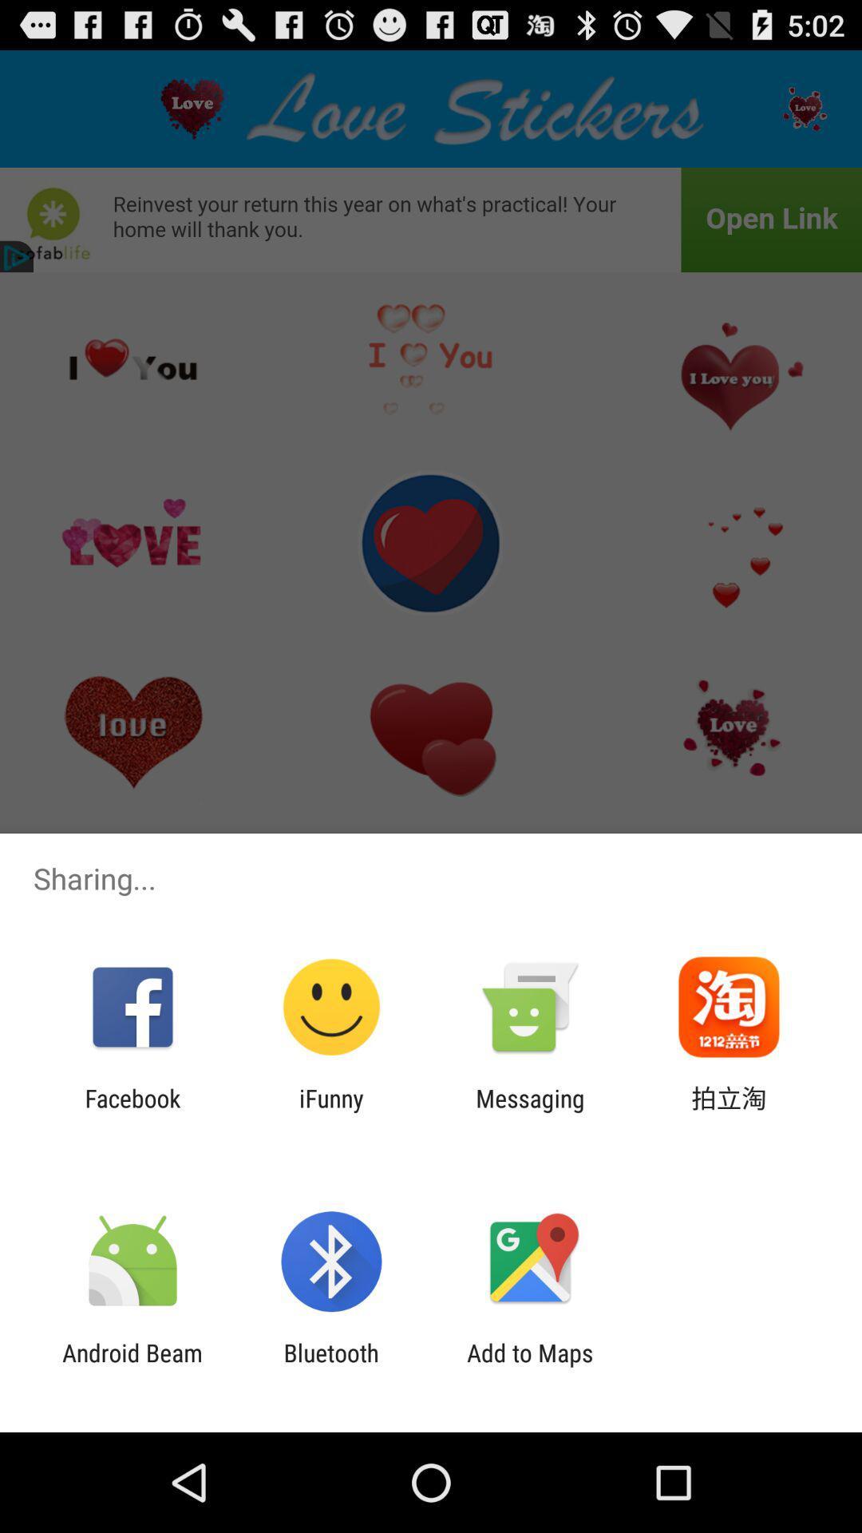 This screenshot has height=1533, width=862. I want to click on app next to facebook icon, so click(330, 1111).